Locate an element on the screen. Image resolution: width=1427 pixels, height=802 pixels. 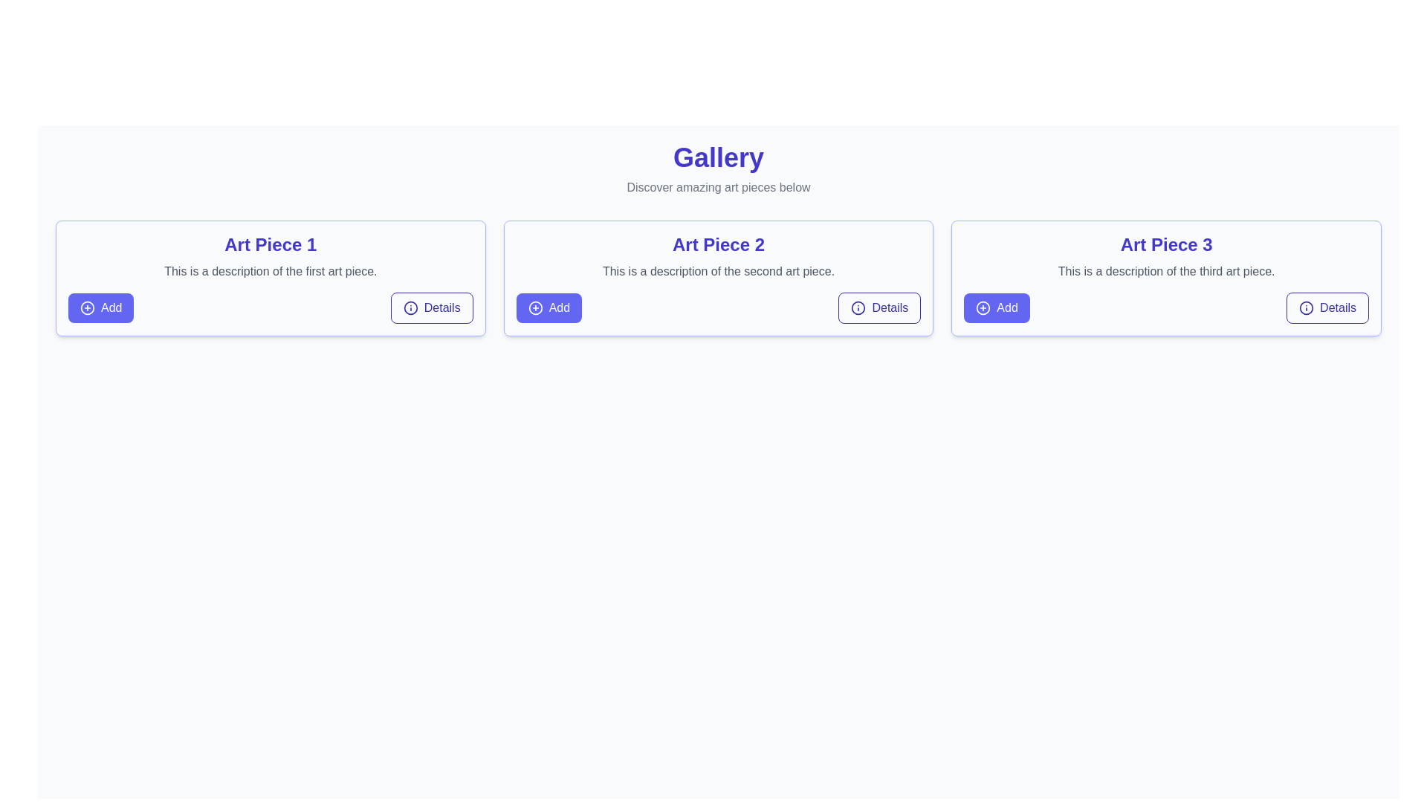
the 'add' button located at the bottom left corner of the card layout titled 'Art Piece 1' is located at coordinates (100, 307).